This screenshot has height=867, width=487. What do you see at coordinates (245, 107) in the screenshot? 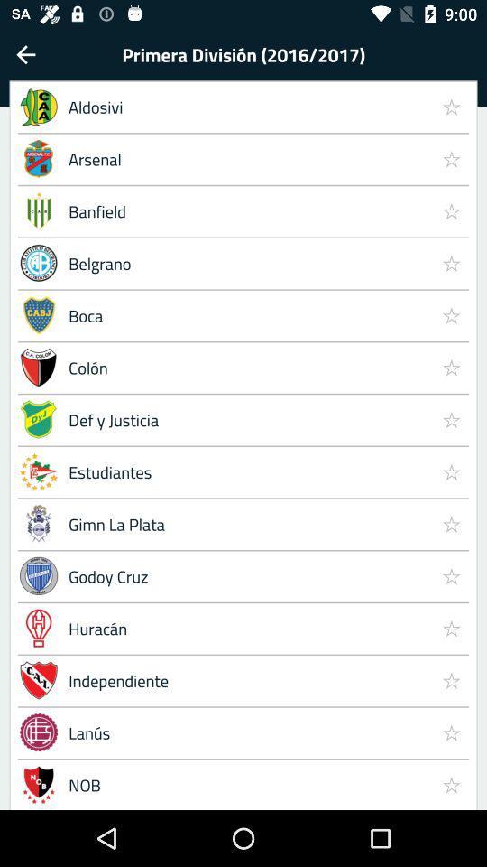
I see `aldosivi item` at bounding box center [245, 107].